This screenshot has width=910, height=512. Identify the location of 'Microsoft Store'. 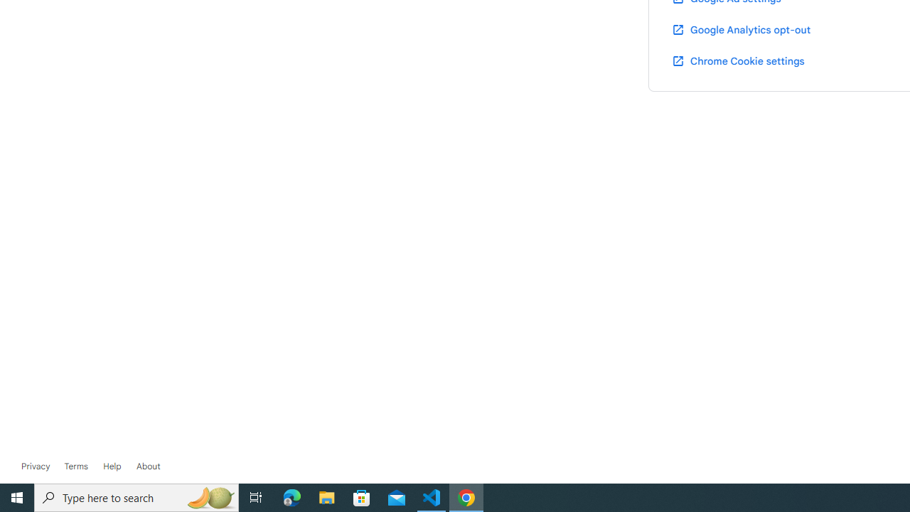
(362, 496).